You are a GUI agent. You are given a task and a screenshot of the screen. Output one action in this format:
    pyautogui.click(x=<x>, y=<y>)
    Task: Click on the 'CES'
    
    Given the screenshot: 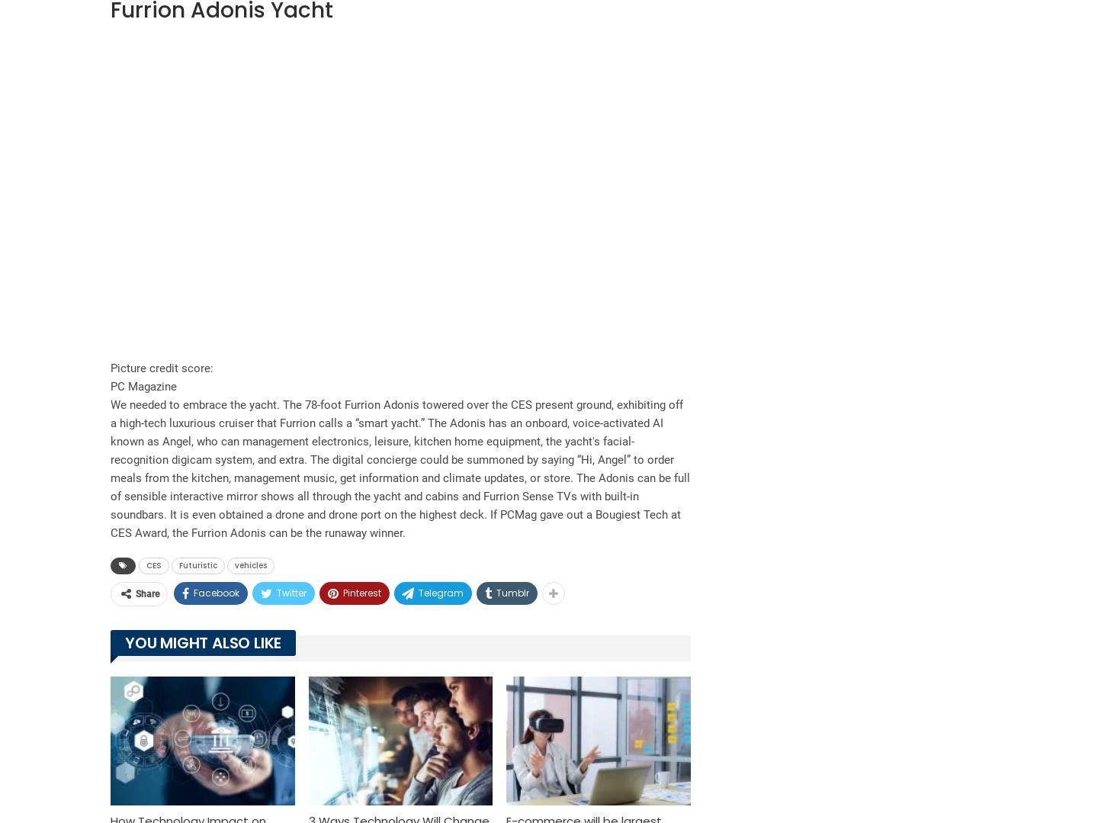 What is the action you would take?
    pyautogui.click(x=154, y=564)
    